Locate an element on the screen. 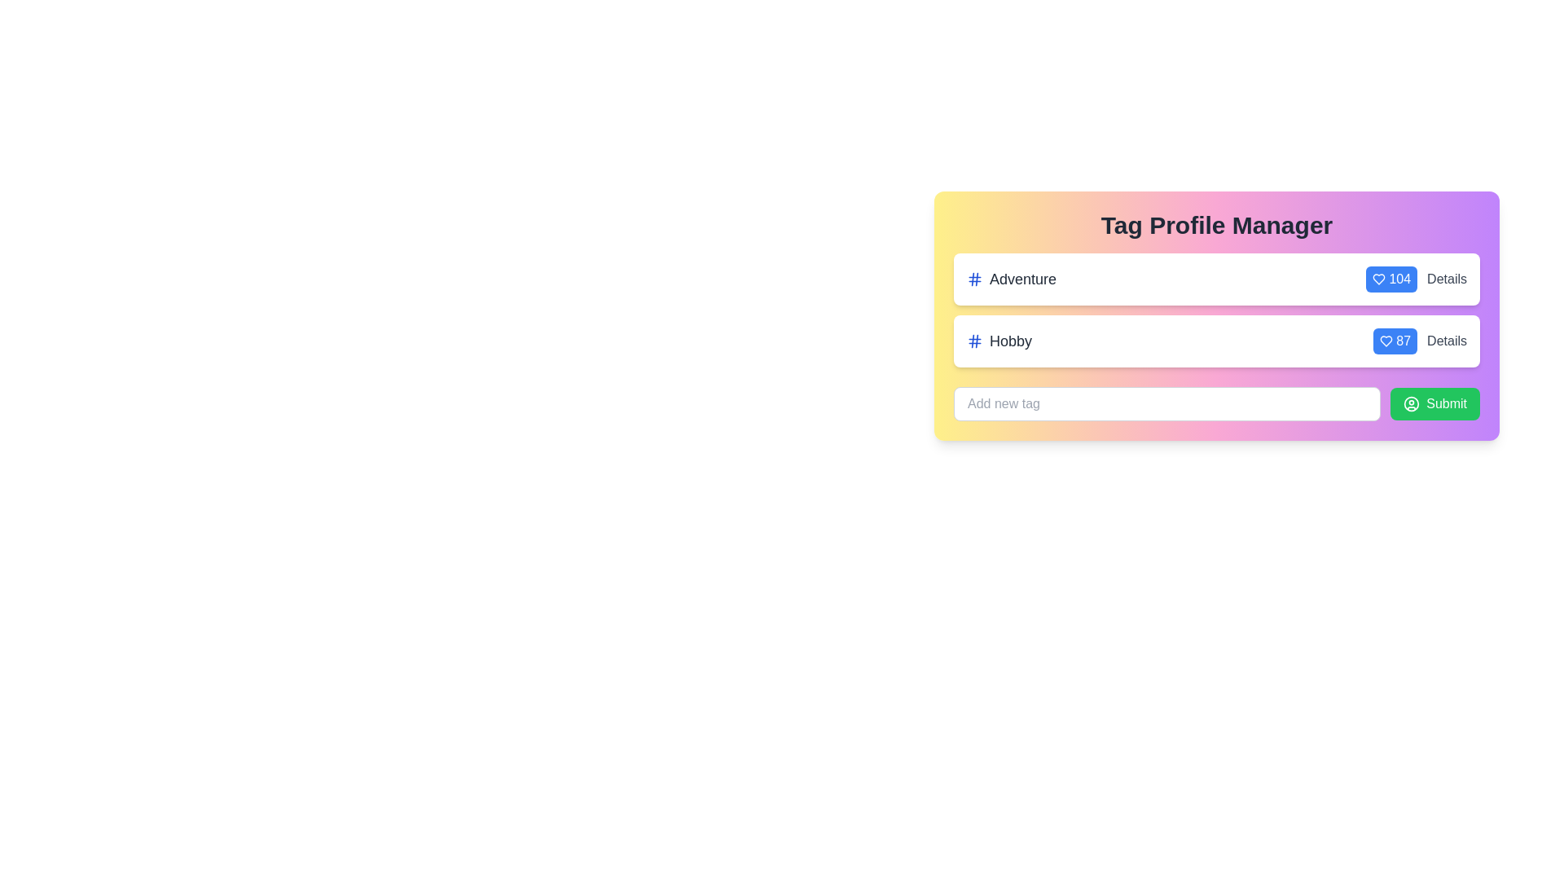 This screenshot has width=1564, height=880. the number '87' in the Hobby interactive element is located at coordinates (1419, 341).